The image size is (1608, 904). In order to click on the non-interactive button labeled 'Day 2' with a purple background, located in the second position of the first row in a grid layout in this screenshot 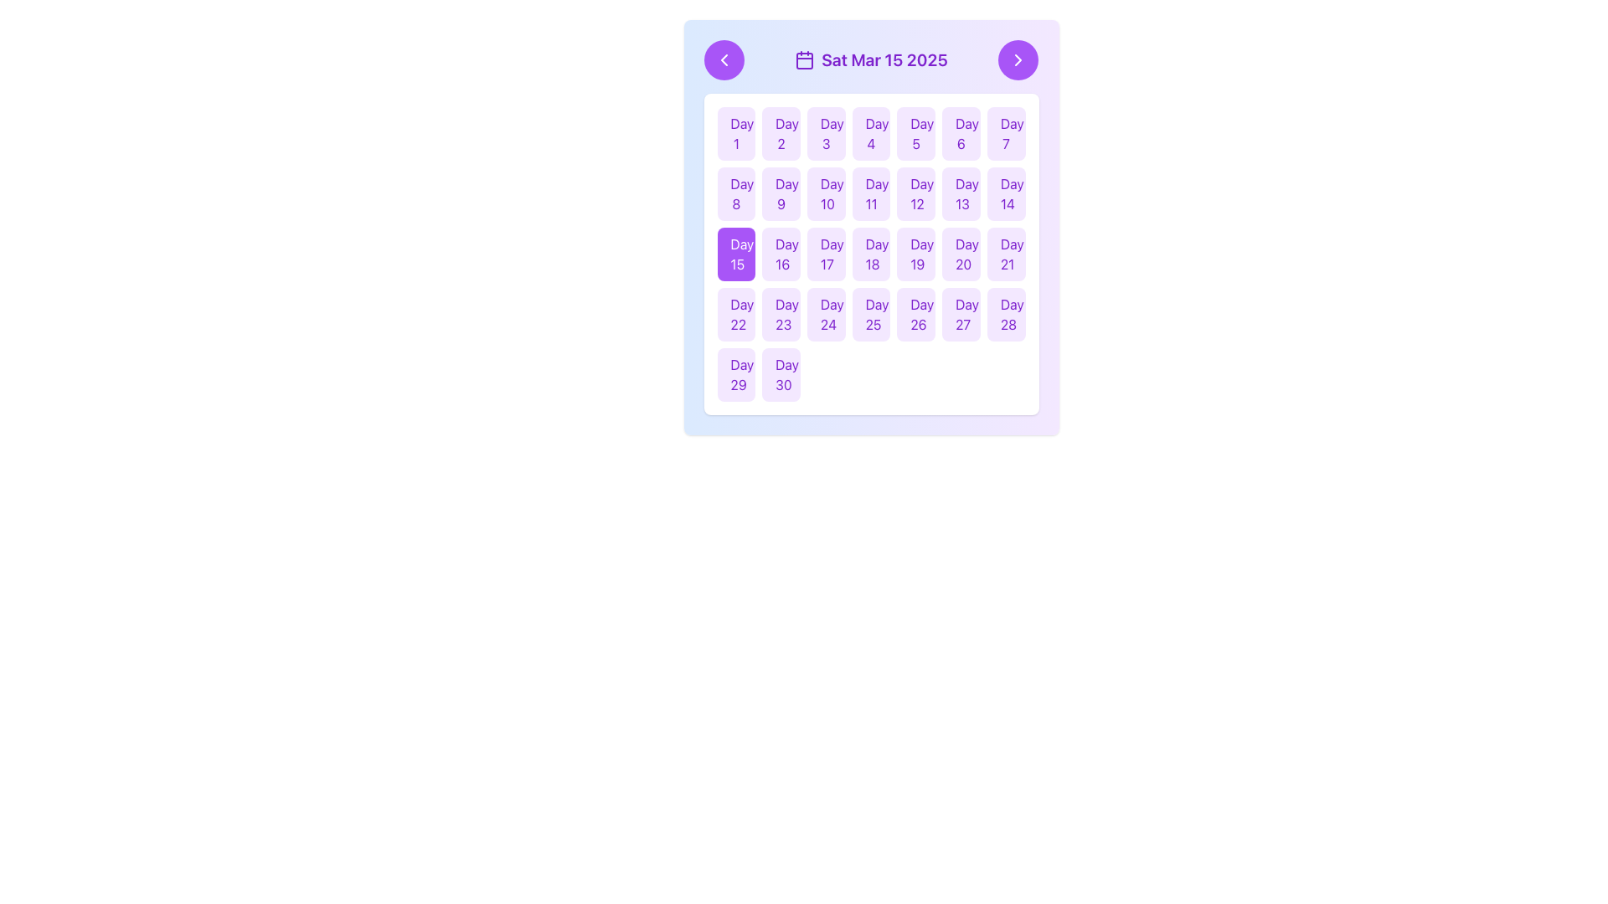, I will do `click(781, 132)`.